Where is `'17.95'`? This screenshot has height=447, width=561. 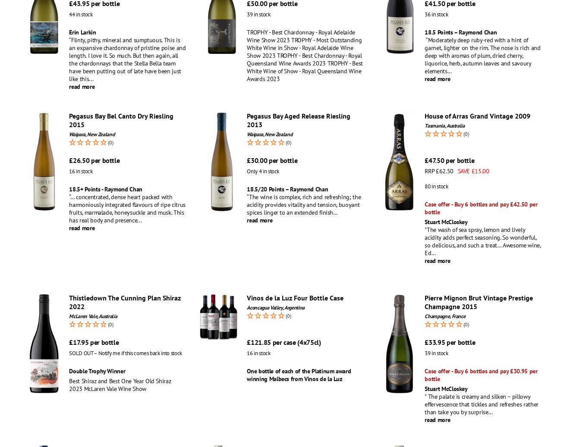
'17.95' is located at coordinates (73, 342).